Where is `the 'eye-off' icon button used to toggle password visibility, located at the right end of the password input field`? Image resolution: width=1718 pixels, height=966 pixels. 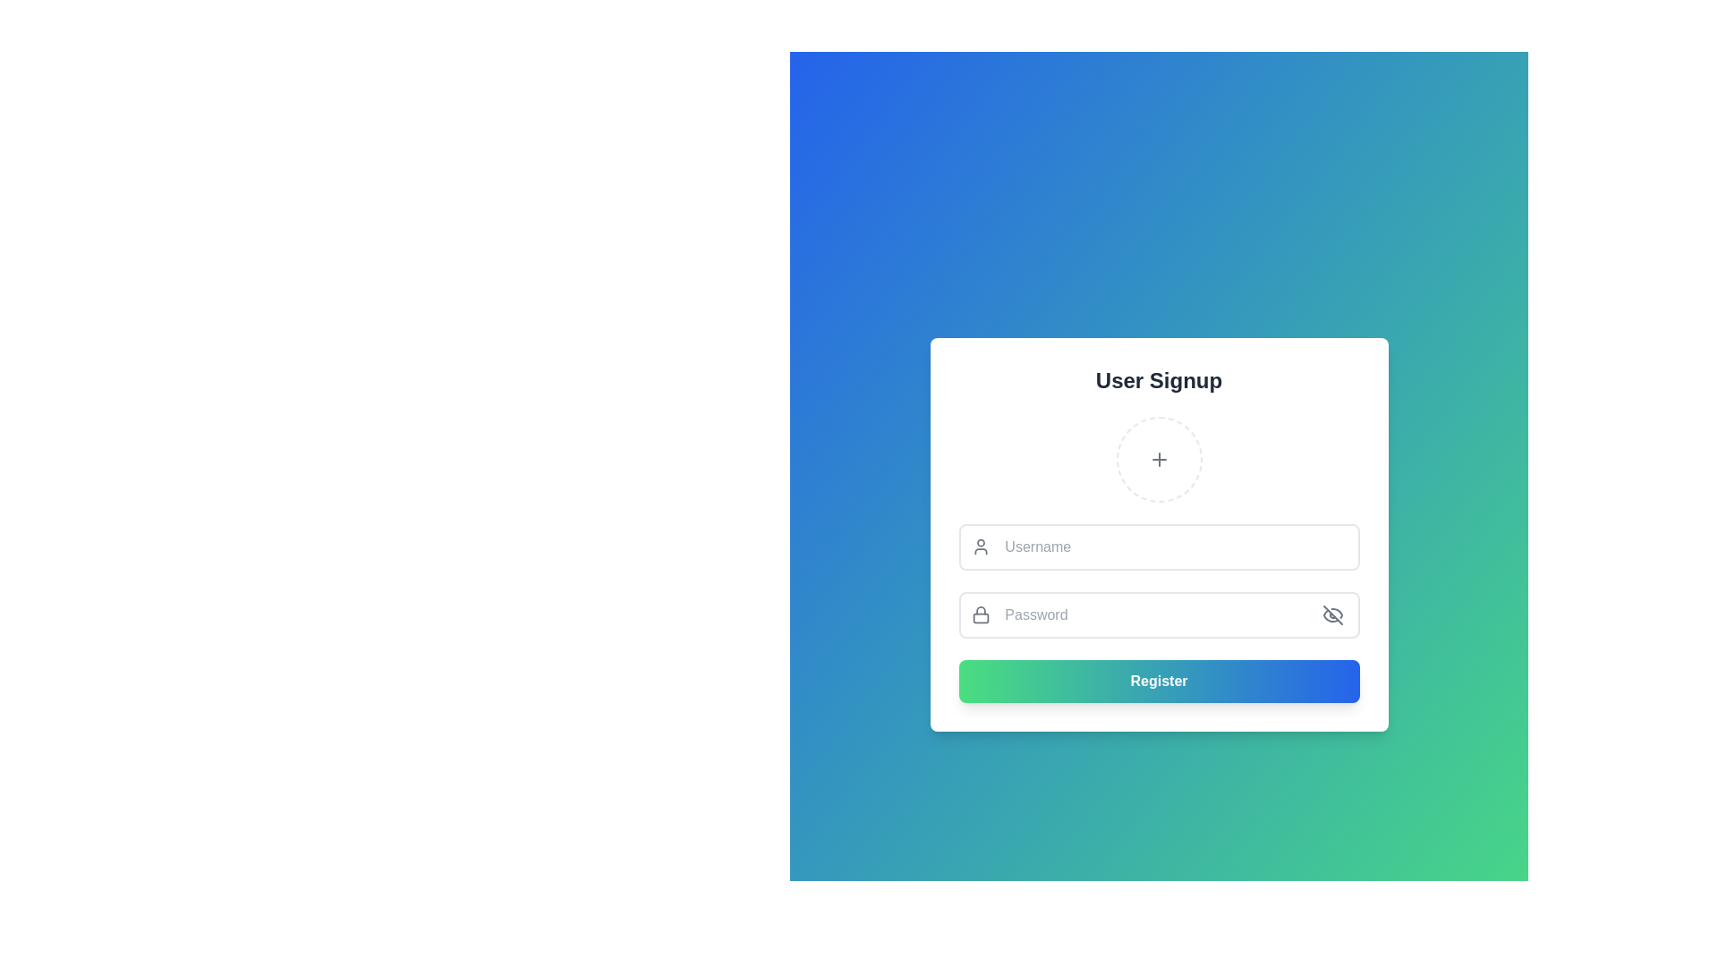 the 'eye-off' icon button used to toggle password visibility, located at the right end of the password input field is located at coordinates (1332, 614).